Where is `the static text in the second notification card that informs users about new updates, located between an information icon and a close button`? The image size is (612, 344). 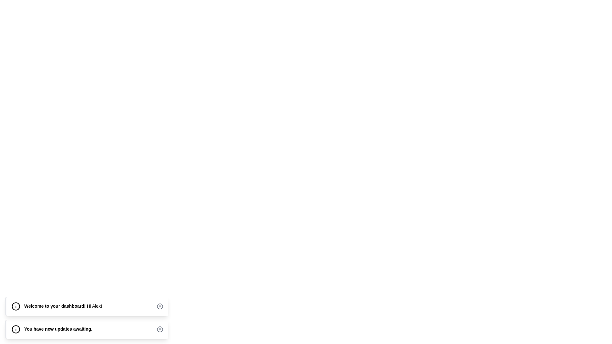 the static text in the second notification card that informs users about new updates, located between an information icon and a close button is located at coordinates (58, 329).